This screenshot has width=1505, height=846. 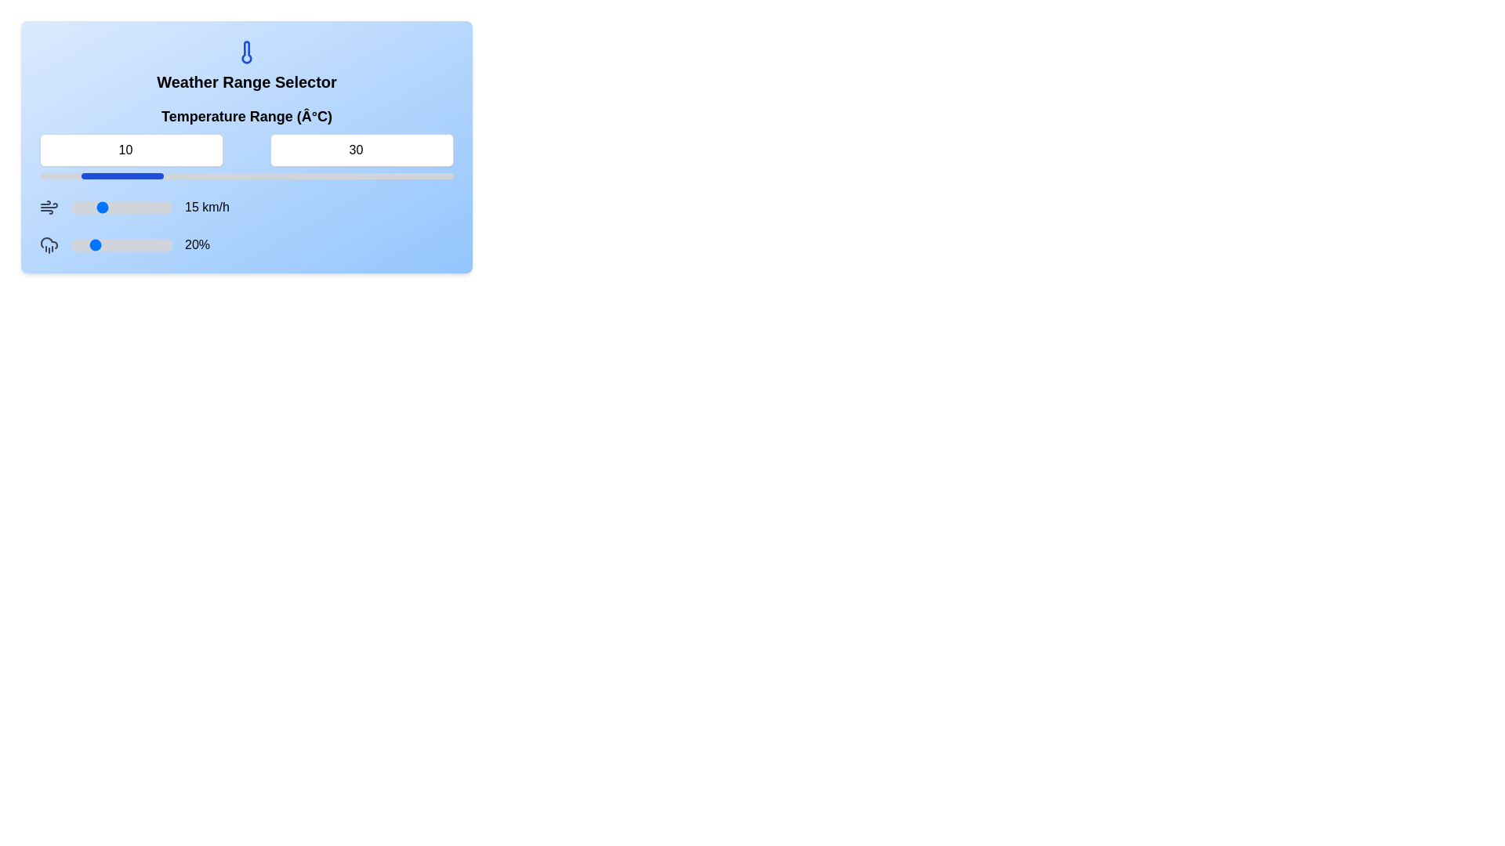 I want to click on the static text label displaying 'Weather Range Selector', which is prominently styled in bold with a large font size, located centrally between a thermometer icon and the caption 'Temperature Range (°C)', so click(x=246, y=81).